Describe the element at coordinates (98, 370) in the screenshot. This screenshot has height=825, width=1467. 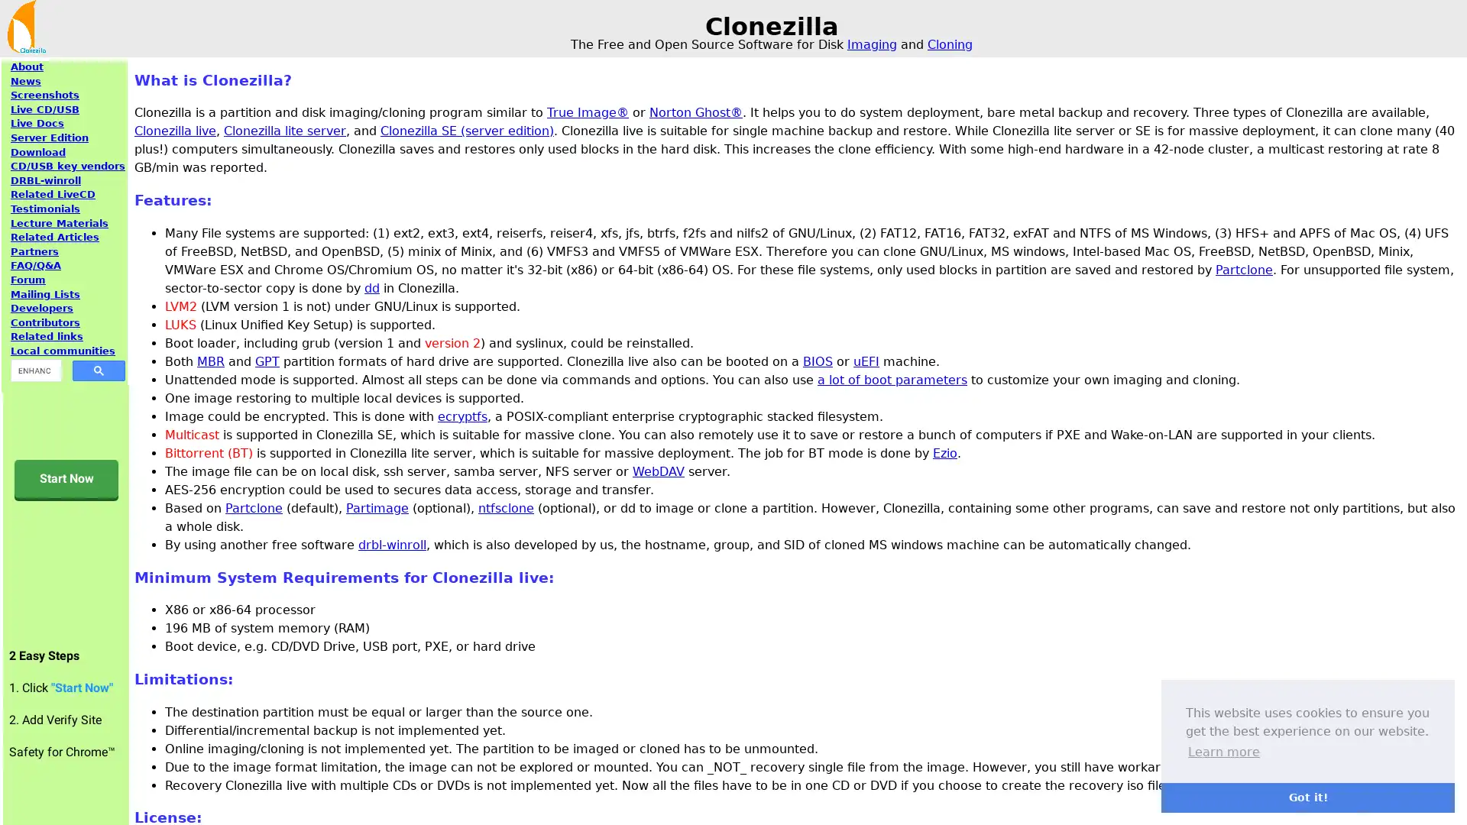
I see `search` at that location.